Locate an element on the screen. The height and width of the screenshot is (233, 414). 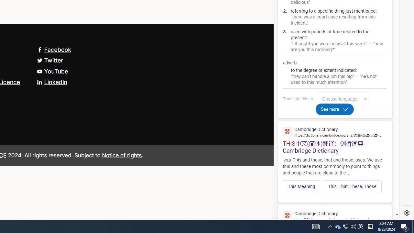
'Translate this to Choose language' is located at coordinates (342, 99).